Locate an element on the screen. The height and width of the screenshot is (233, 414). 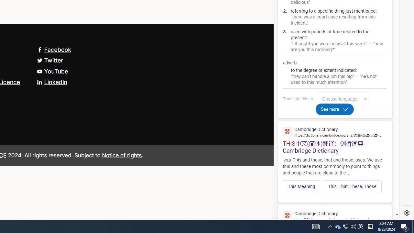
'Translate this to Choose language' is located at coordinates (342, 99).